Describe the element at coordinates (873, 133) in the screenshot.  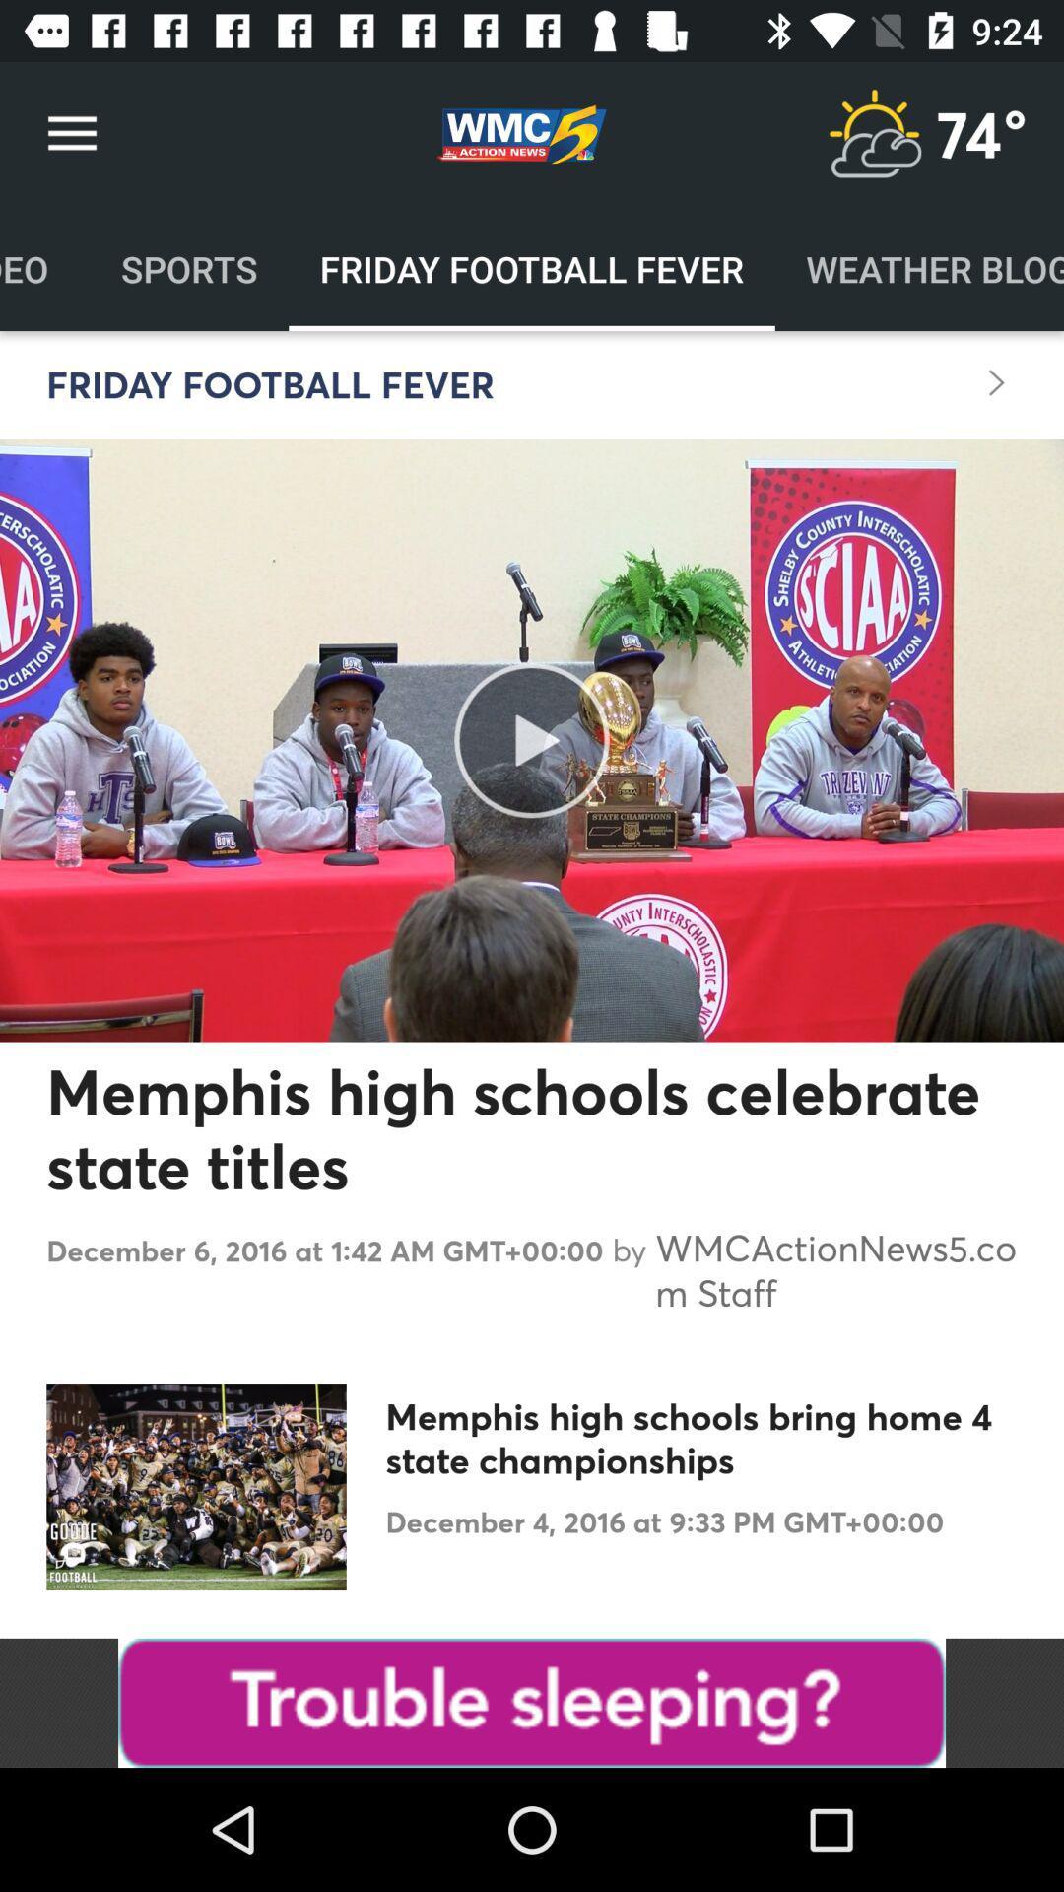
I see `weather details` at that location.